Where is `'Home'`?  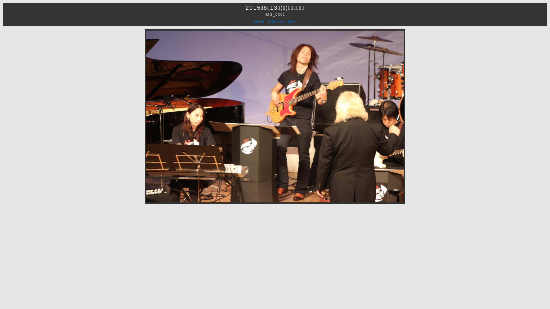 'Home' is located at coordinates (259, 21).